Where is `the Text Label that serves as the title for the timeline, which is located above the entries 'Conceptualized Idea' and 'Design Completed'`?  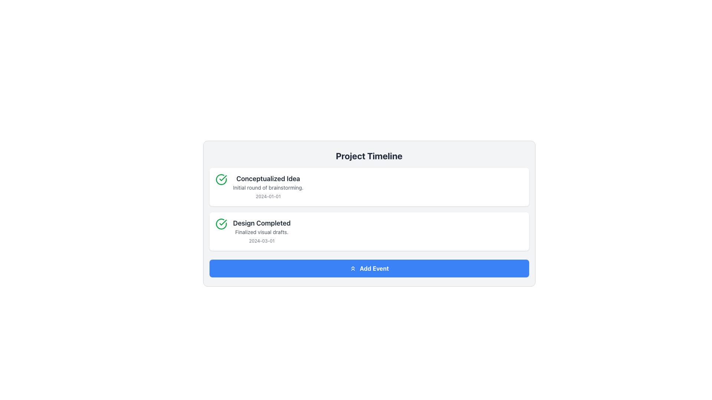
the Text Label that serves as the title for the timeline, which is located above the entries 'Conceptualized Idea' and 'Design Completed' is located at coordinates (369, 155).